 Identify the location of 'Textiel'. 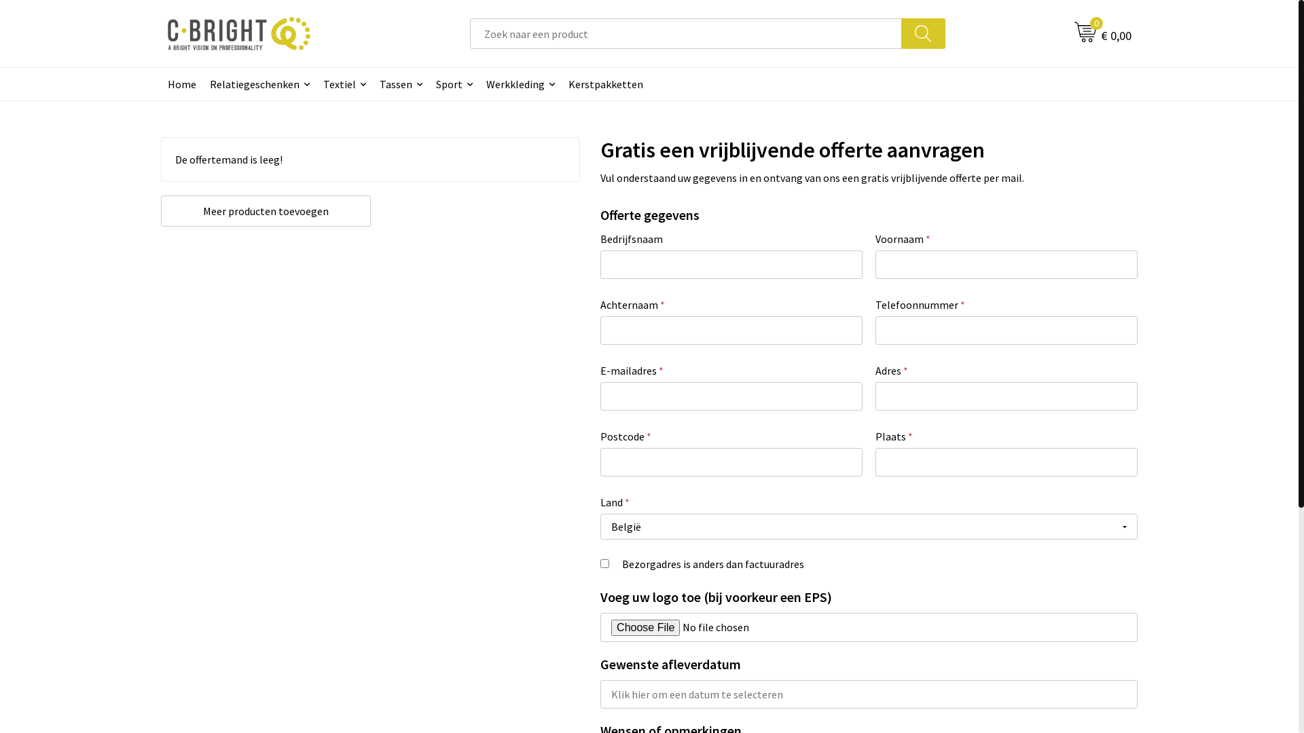
(344, 83).